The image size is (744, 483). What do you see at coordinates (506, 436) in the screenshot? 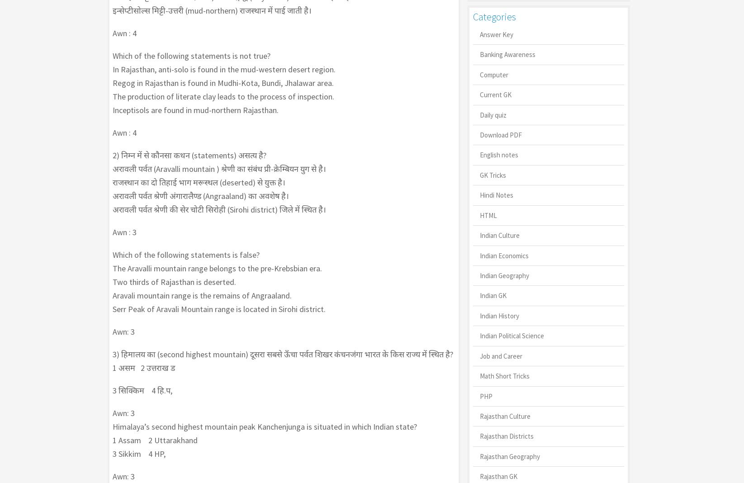
I see `'Rajasthan Districts'` at bounding box center [506, 436].